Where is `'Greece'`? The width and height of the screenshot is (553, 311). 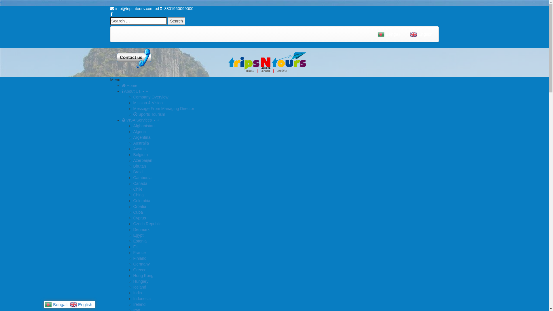
'Greece' is located at coordinates (139, 270).